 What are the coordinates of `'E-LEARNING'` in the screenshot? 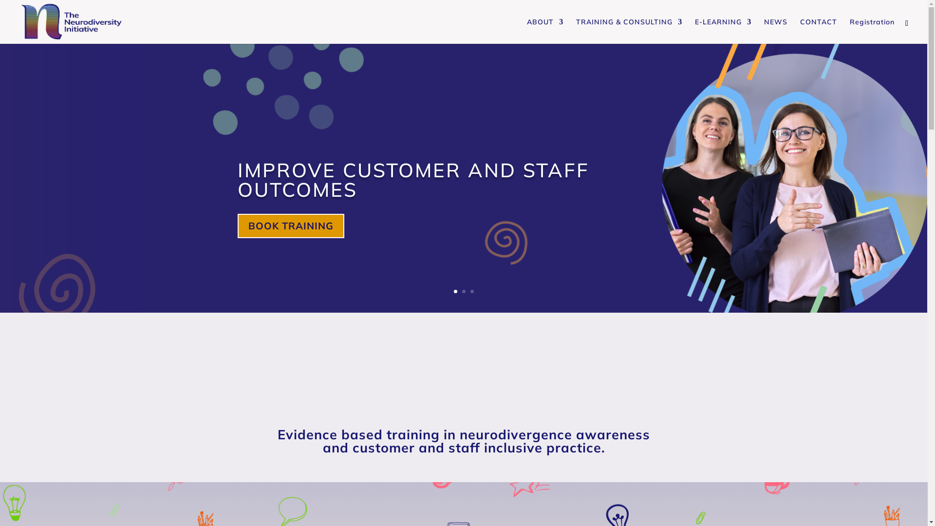 It's located at (723, 31).